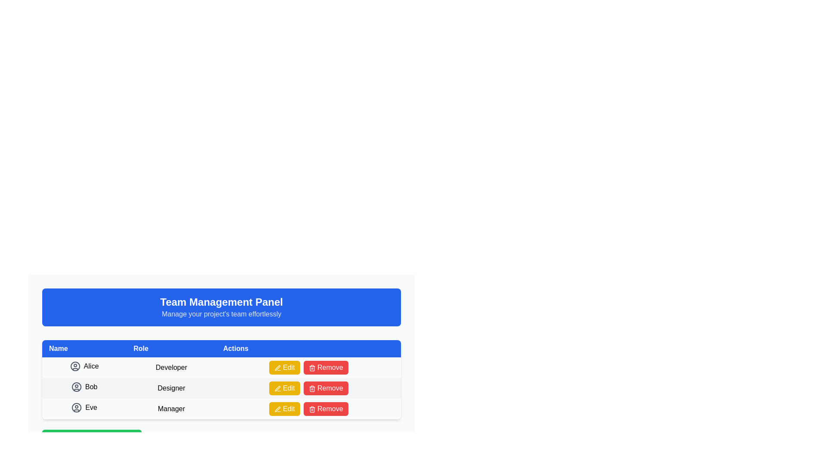  What do you see at coordinates (84, 408) in the screenshot?
I see `the text element identifying 'Eve' in the team management panel` at bounding box center [84, 408].